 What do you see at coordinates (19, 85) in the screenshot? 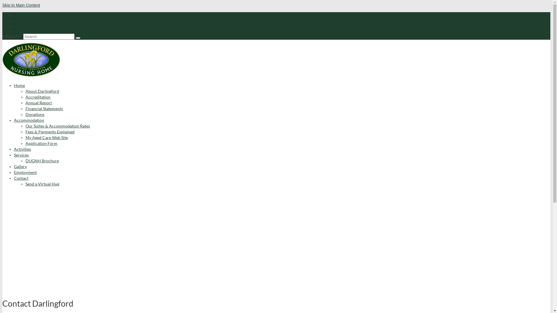
I see `'Home'` at bounding box center [19, 85].